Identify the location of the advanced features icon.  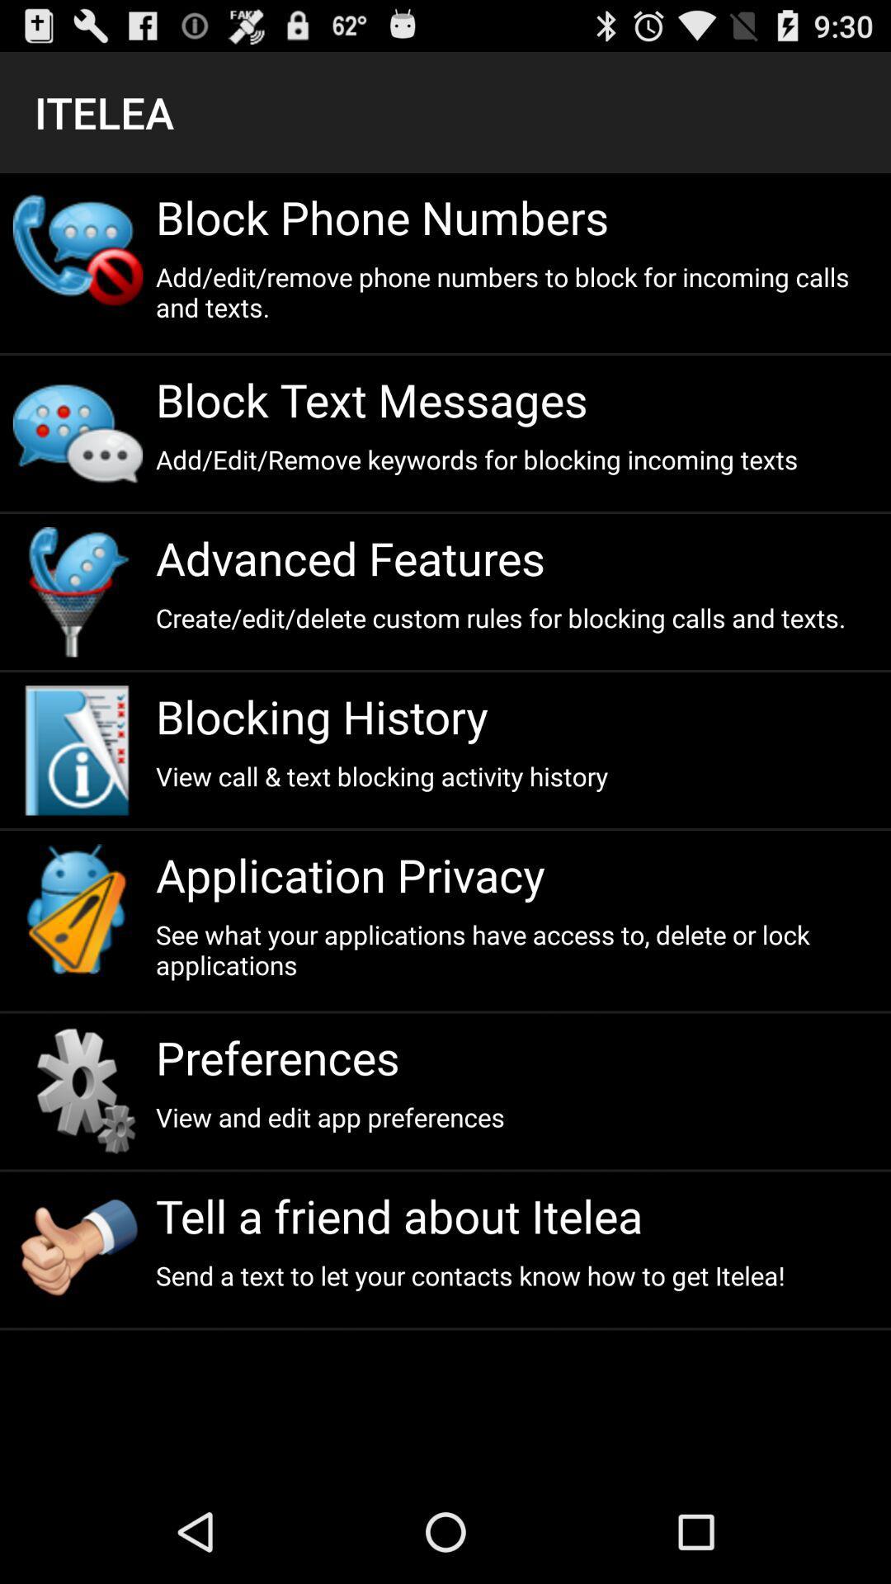
(516, 558).